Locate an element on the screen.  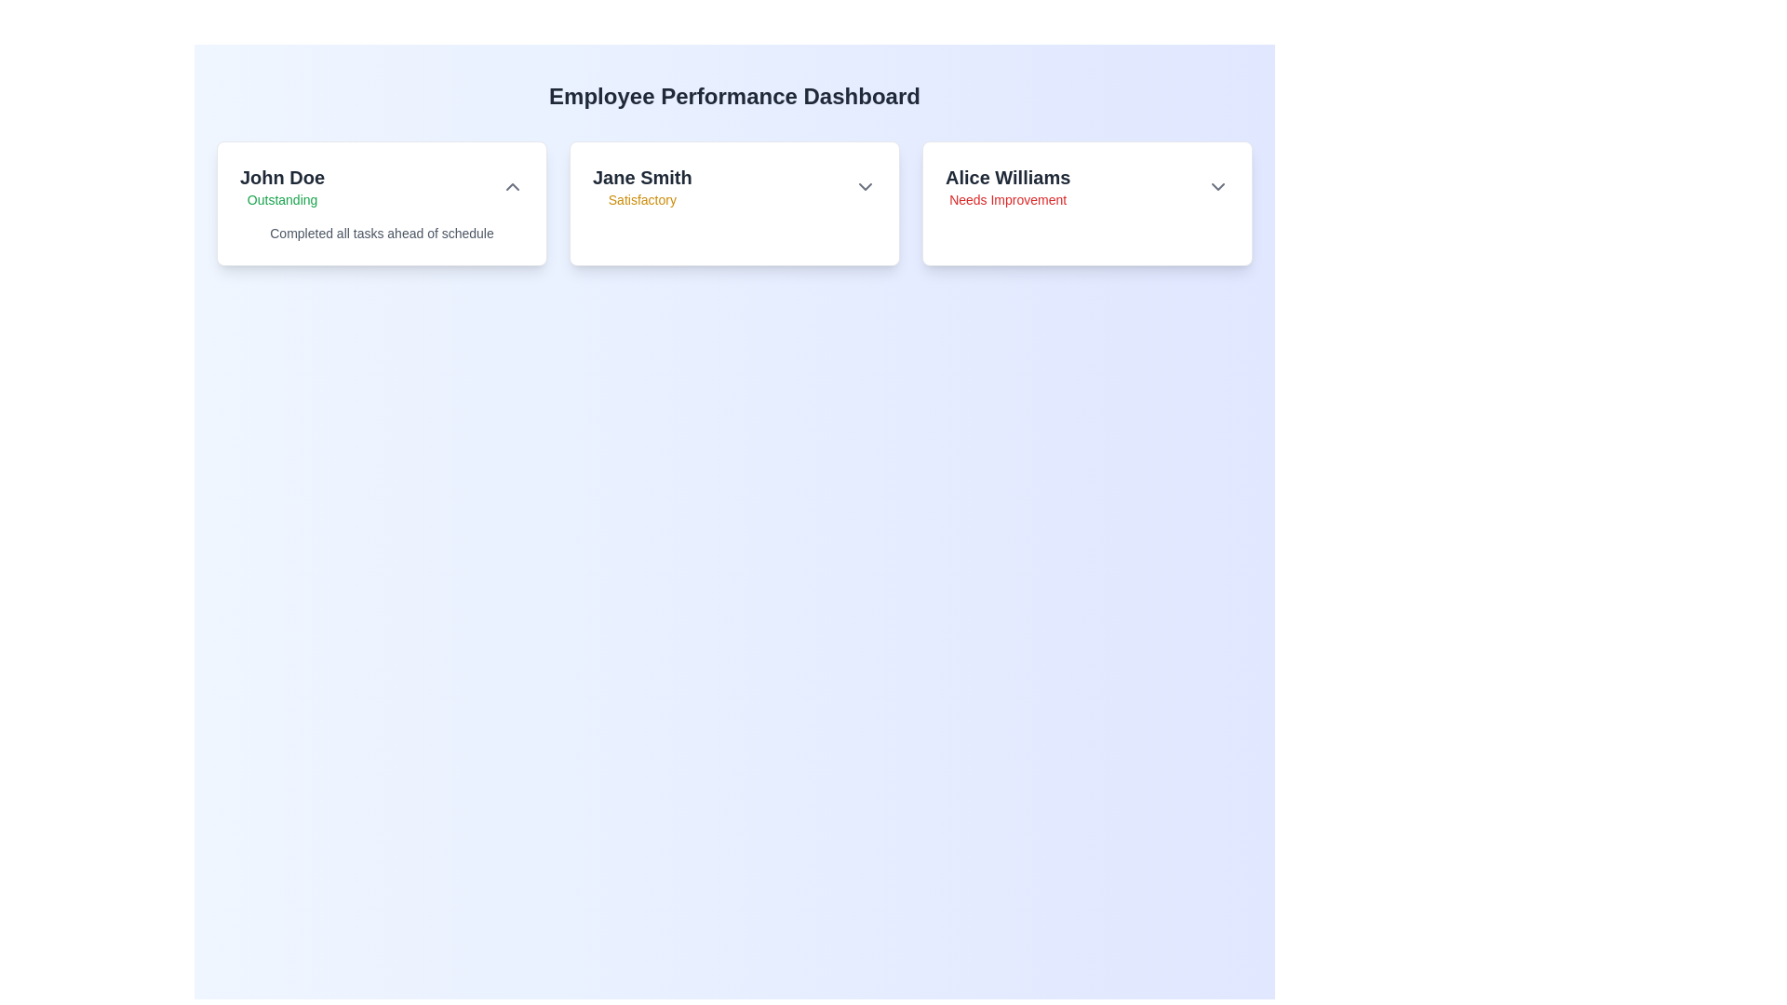
the Text Display element that shows 'Alice Williams' with the performance status 'Needs Improvement' located in the third card of the horizontally arranged set is located at coordinates (1007, 186).